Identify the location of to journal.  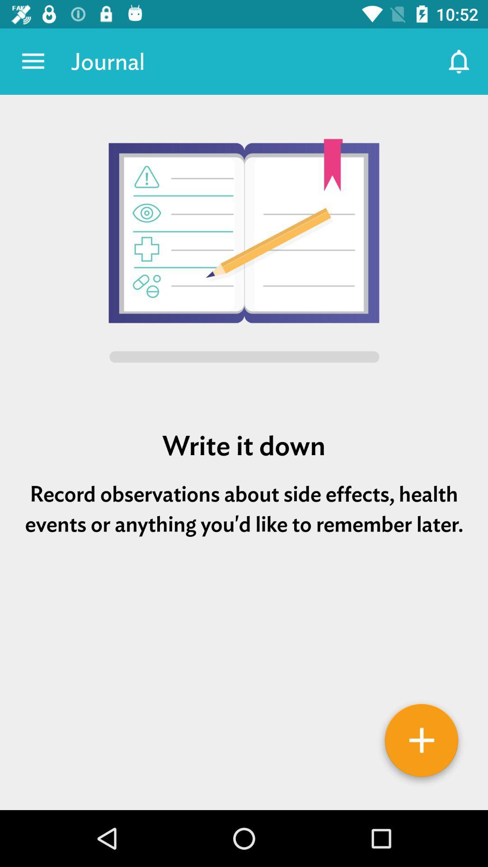
(422, 743).